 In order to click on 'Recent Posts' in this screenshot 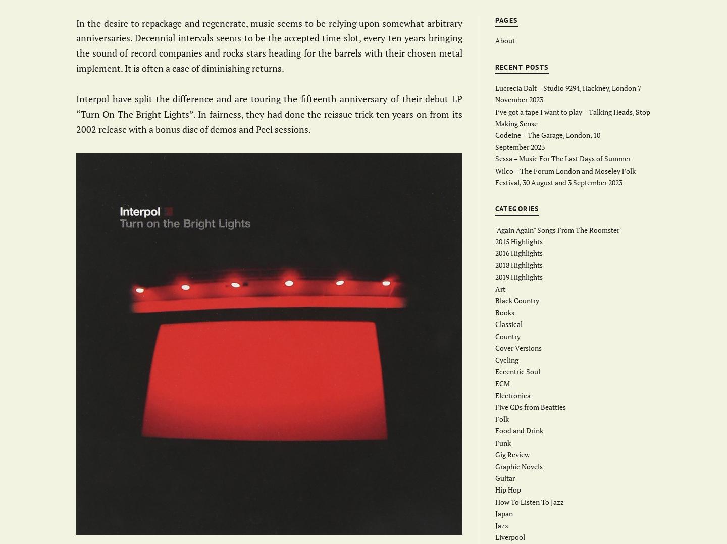, I will do `click(522, 66)`.